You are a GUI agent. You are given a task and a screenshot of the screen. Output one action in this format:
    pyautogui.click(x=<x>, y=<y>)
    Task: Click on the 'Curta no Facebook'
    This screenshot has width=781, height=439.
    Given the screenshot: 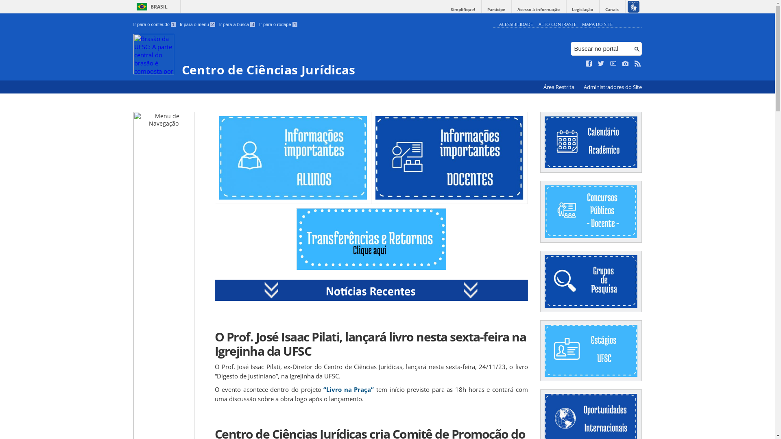 What is the action you would take?
    pyautogui.click(x=589, y=63)
    